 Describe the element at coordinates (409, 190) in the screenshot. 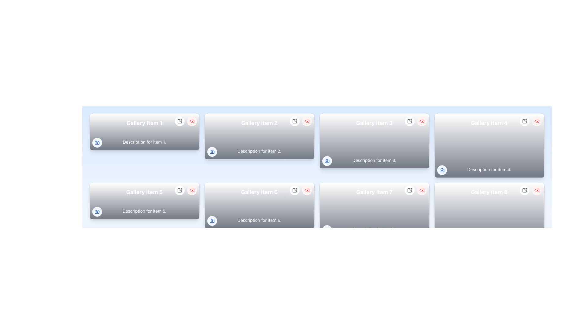

I see `the edit icon button located in the top-right corner of 'Gallery Item 7' to initiate the edit action` at that location.